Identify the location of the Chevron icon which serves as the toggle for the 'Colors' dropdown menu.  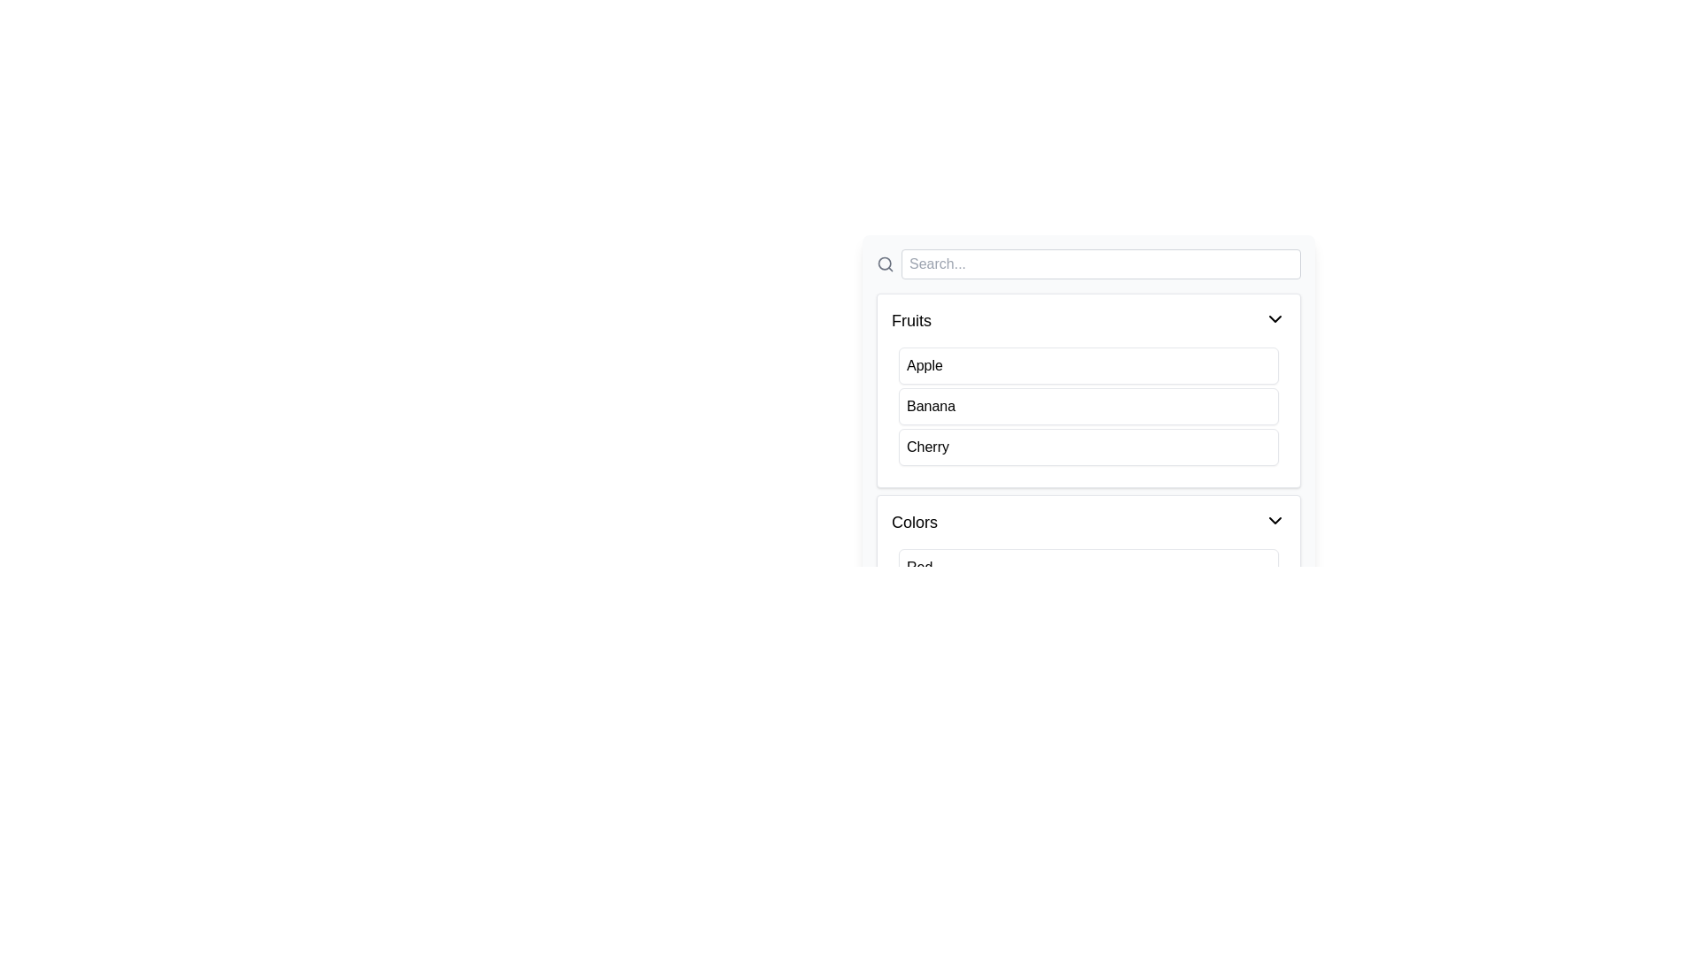
(1275, 520).